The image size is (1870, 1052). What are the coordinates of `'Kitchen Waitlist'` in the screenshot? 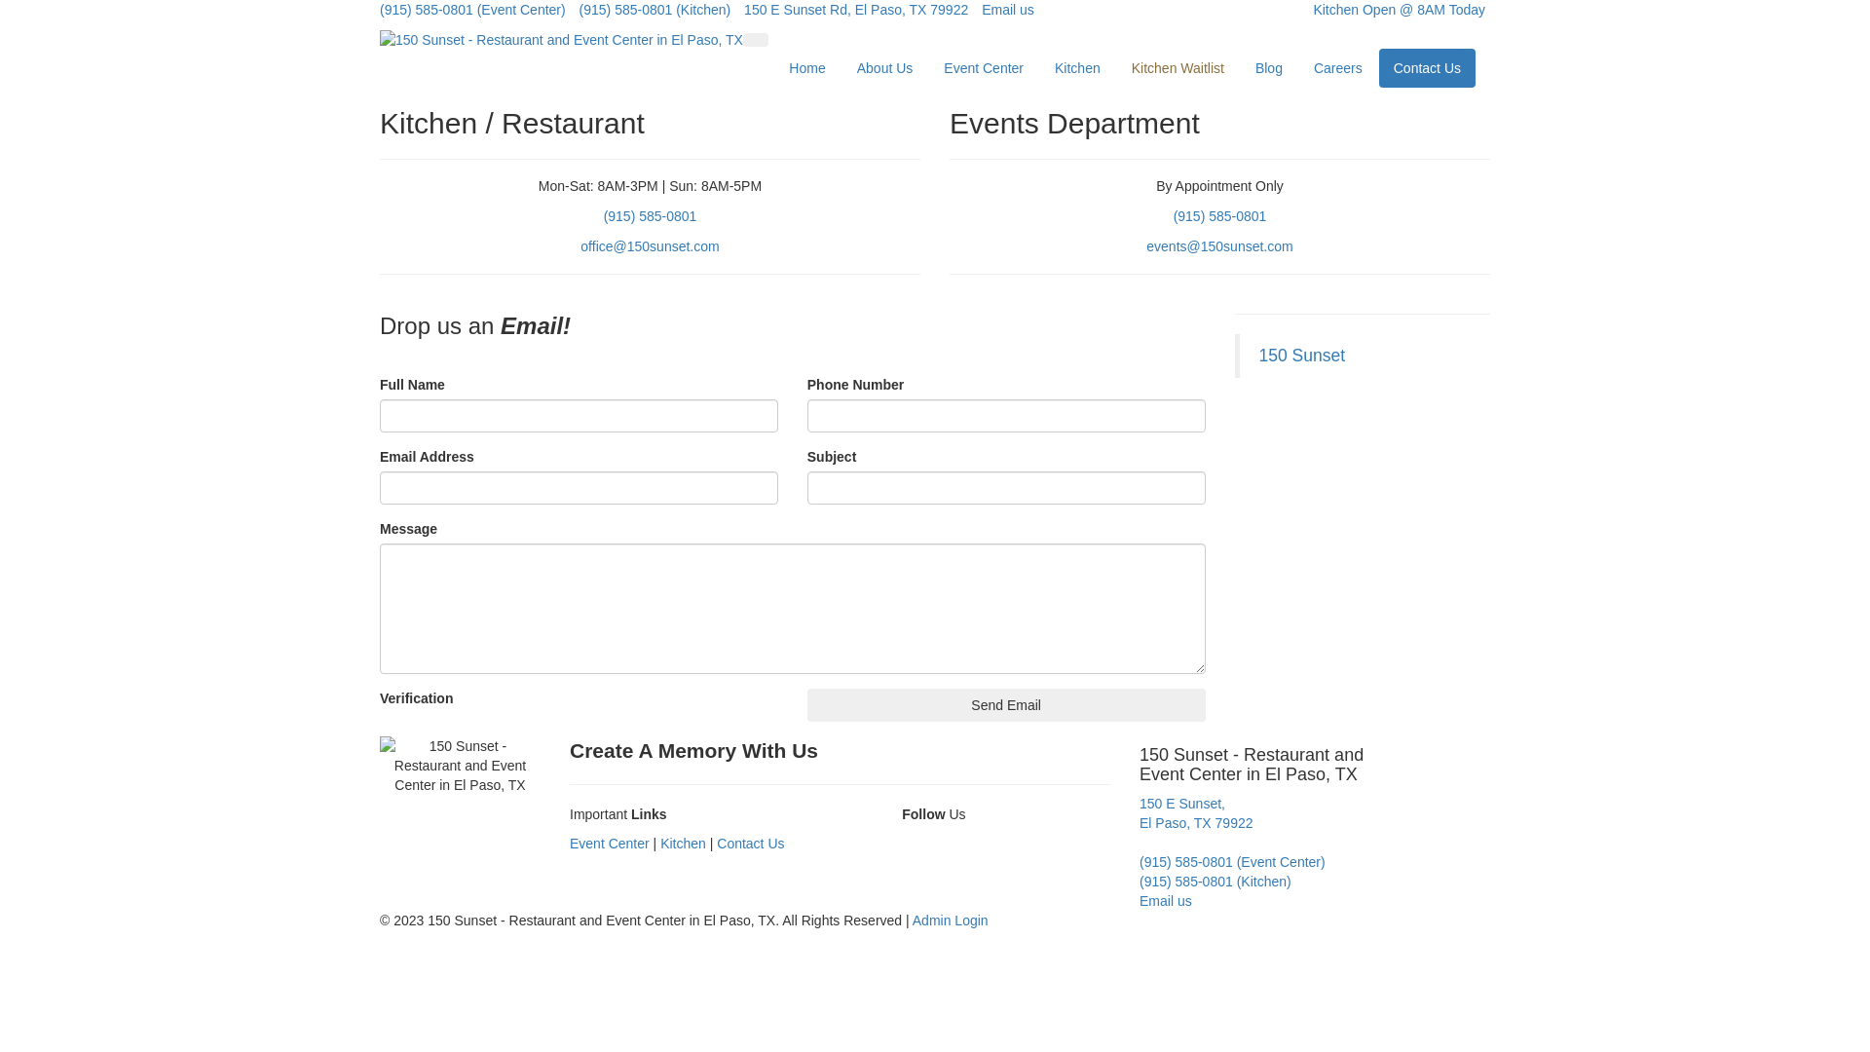 It's located at (1177, 66).